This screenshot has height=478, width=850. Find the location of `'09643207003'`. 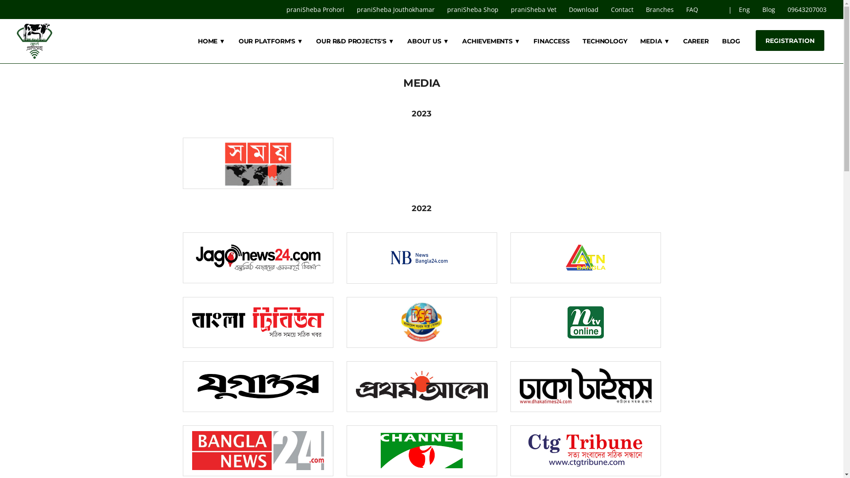

'09643207003' is located at coordinates (782, 9).